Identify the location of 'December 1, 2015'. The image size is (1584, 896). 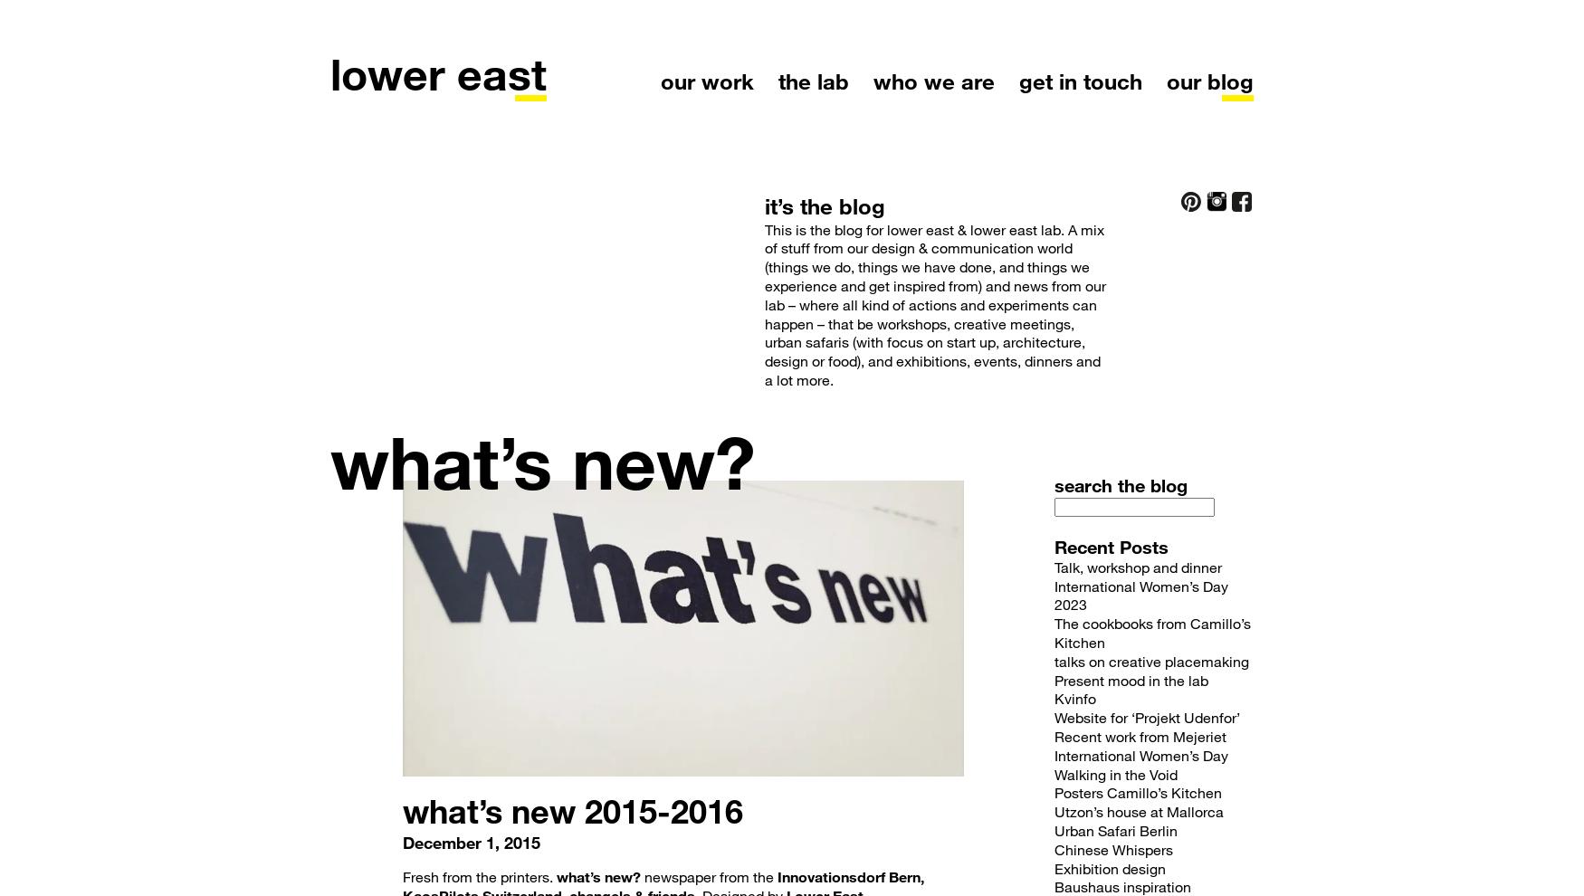
(470, 841).